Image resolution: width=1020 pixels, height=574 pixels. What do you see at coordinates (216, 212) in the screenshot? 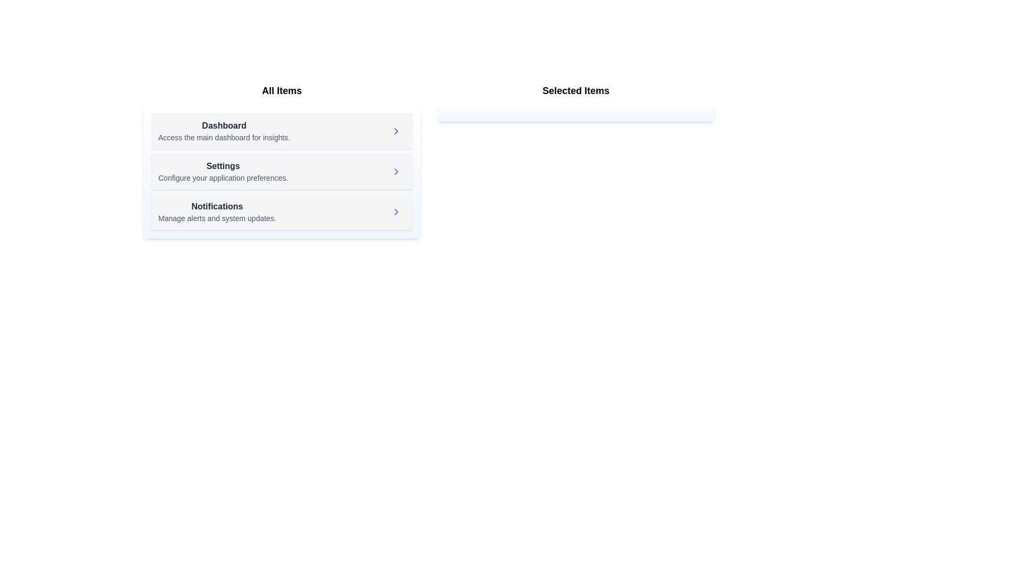
I see `the item Notifications to highlight it` at bounding box center [216, 212].